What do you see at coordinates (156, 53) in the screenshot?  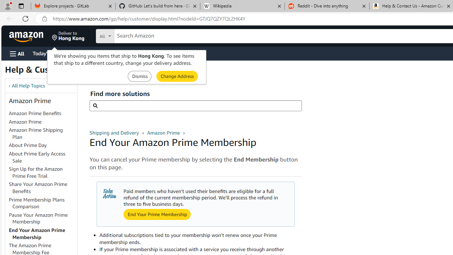 I see `'Gift Cards'` at bounding box center [156, 53].